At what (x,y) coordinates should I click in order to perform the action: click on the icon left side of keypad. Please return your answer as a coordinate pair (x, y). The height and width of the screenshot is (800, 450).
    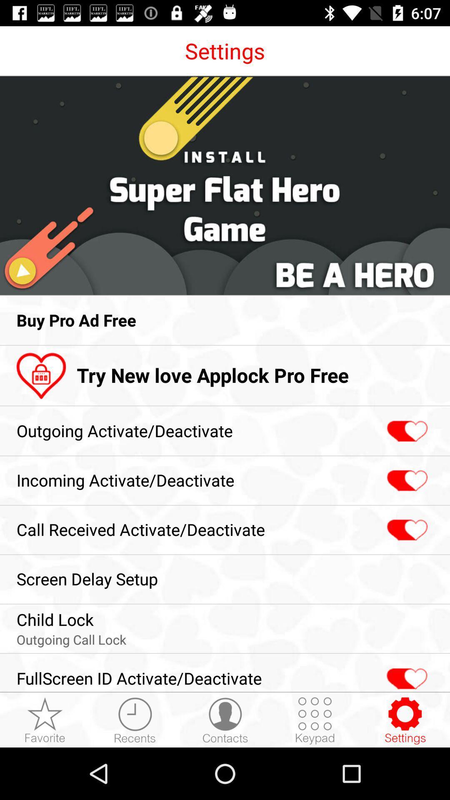
    Looking at the image, I should click on (225, 720).